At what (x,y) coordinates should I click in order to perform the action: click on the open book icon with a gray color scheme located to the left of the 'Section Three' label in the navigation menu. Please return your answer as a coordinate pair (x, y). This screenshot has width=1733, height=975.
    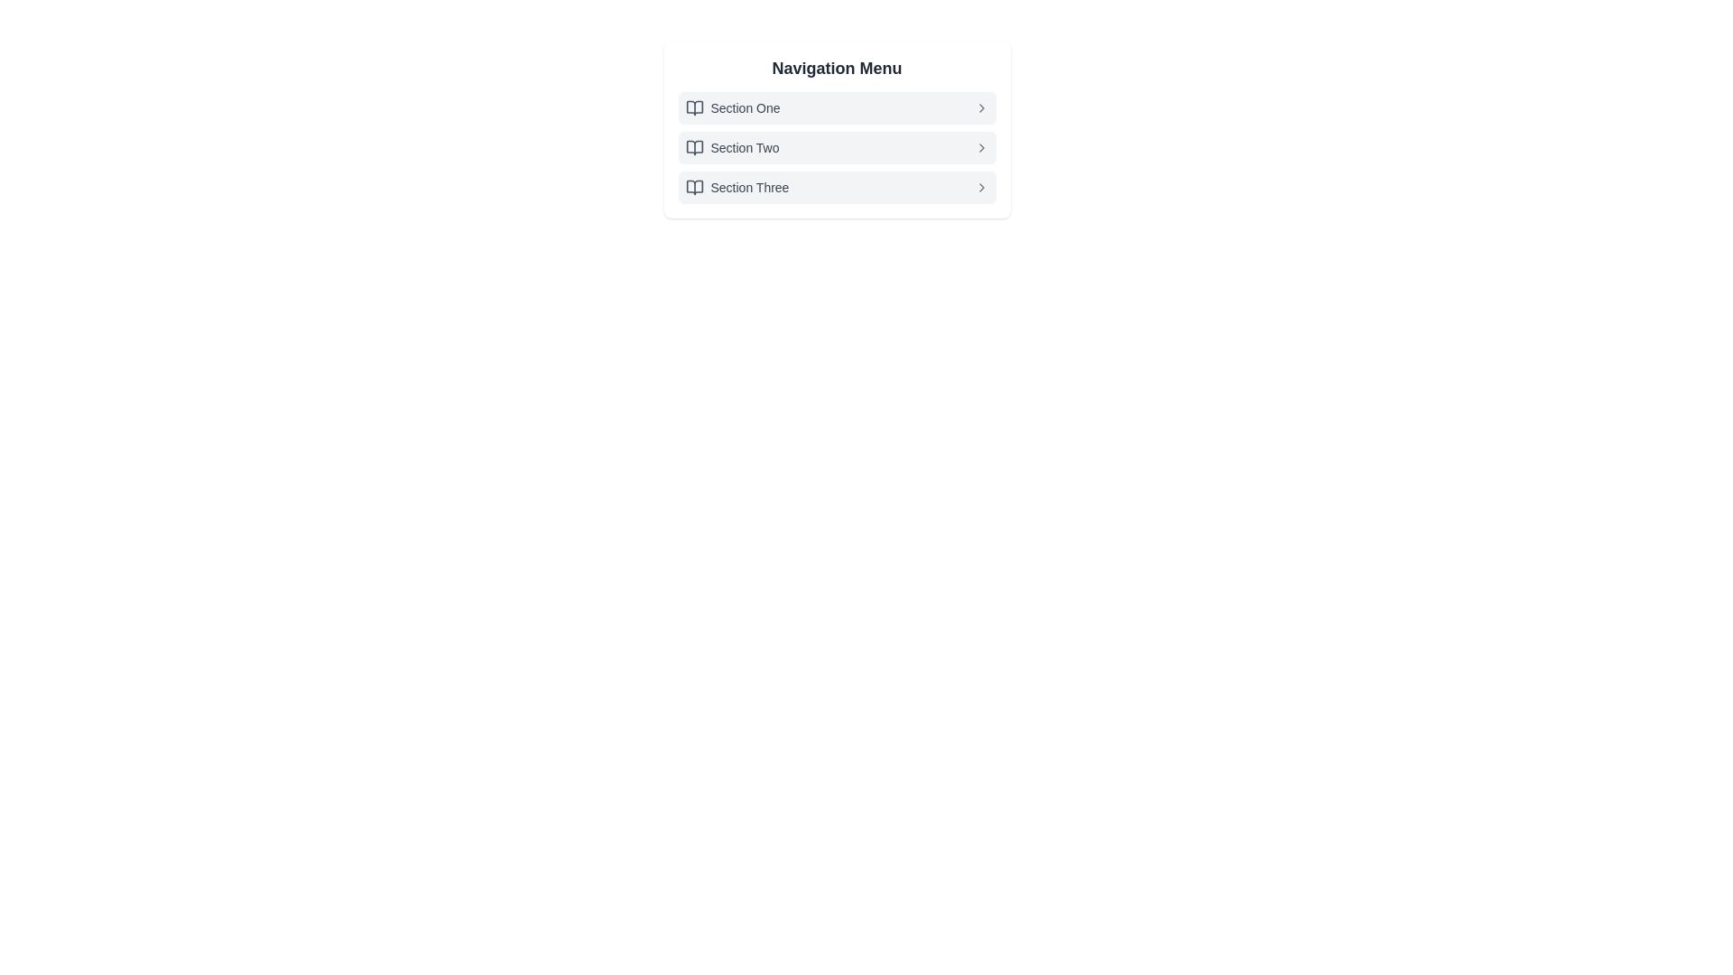
    Looking at the image, I should click on (693, 188).